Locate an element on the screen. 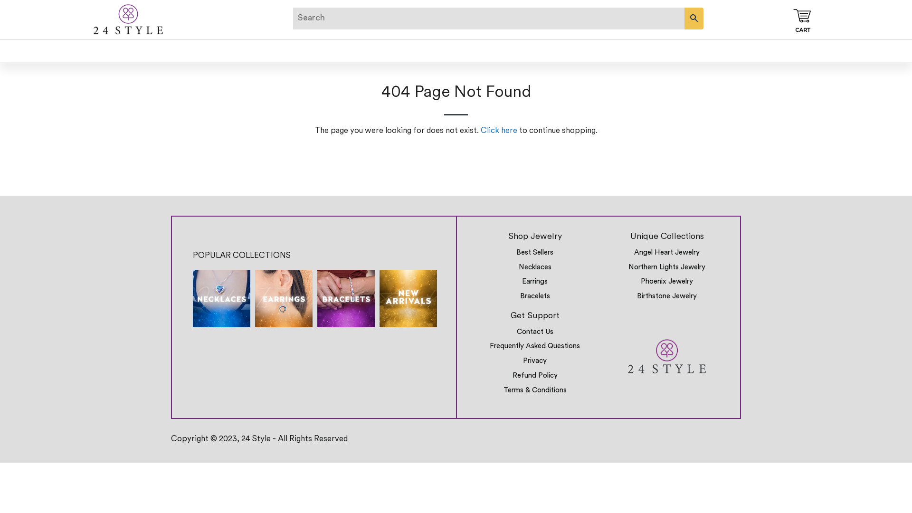  'Refund Policy' is located at coordinates (512, 375).